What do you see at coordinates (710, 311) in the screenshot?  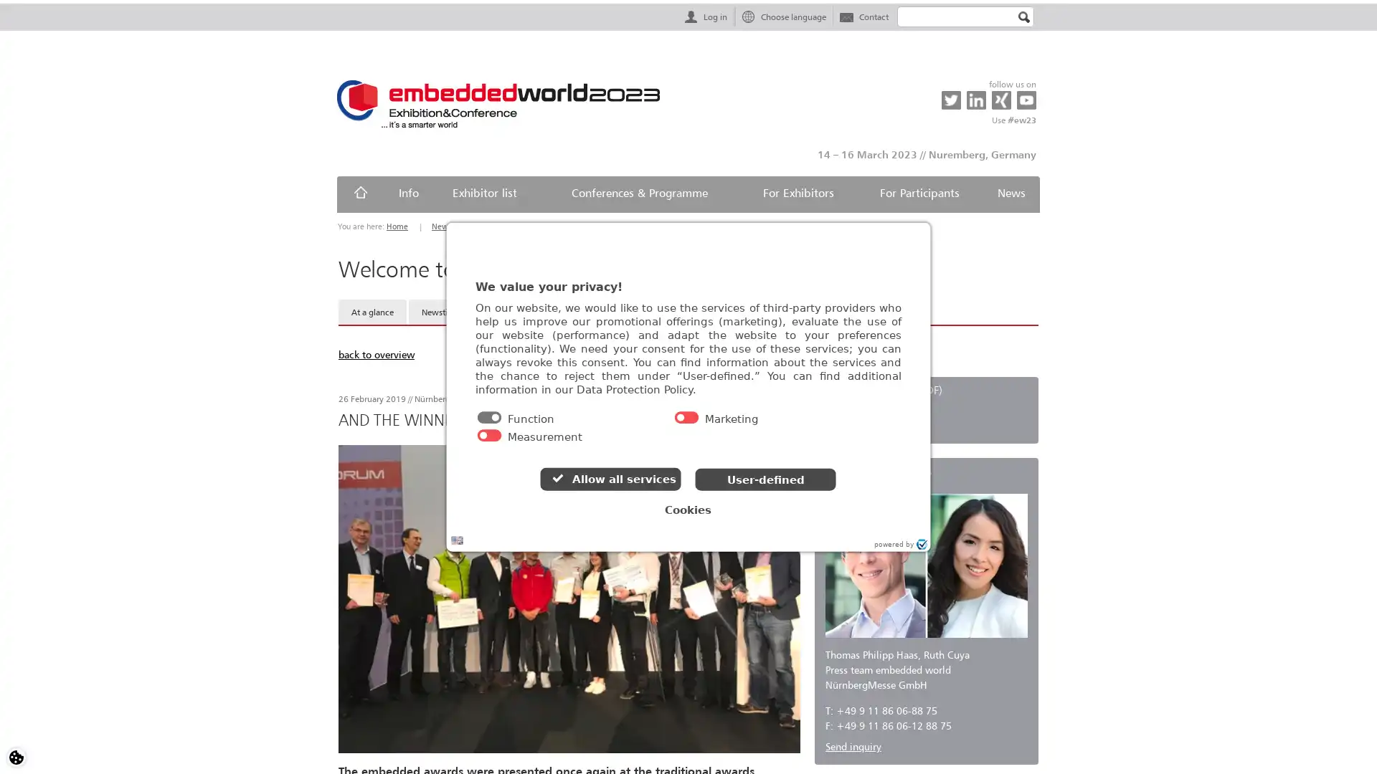 I see `Expert know-how` at bounding box center [710, 311].